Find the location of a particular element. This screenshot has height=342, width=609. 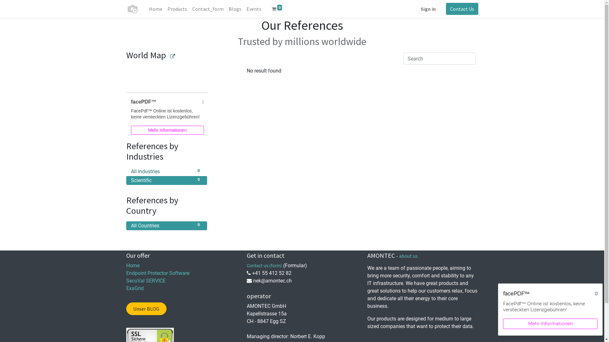

'Events' is located at coordinates (253, 9).